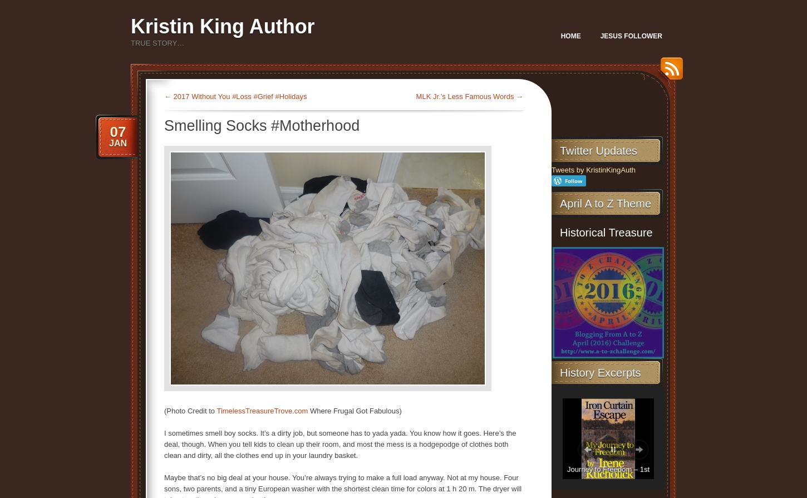 Image resolution: width=807 pixels, height=498 pixels. Describe the element at coordinates (261, 125) in the screenshot. I see `'Smelling Socks #Motherhood'` at that location.